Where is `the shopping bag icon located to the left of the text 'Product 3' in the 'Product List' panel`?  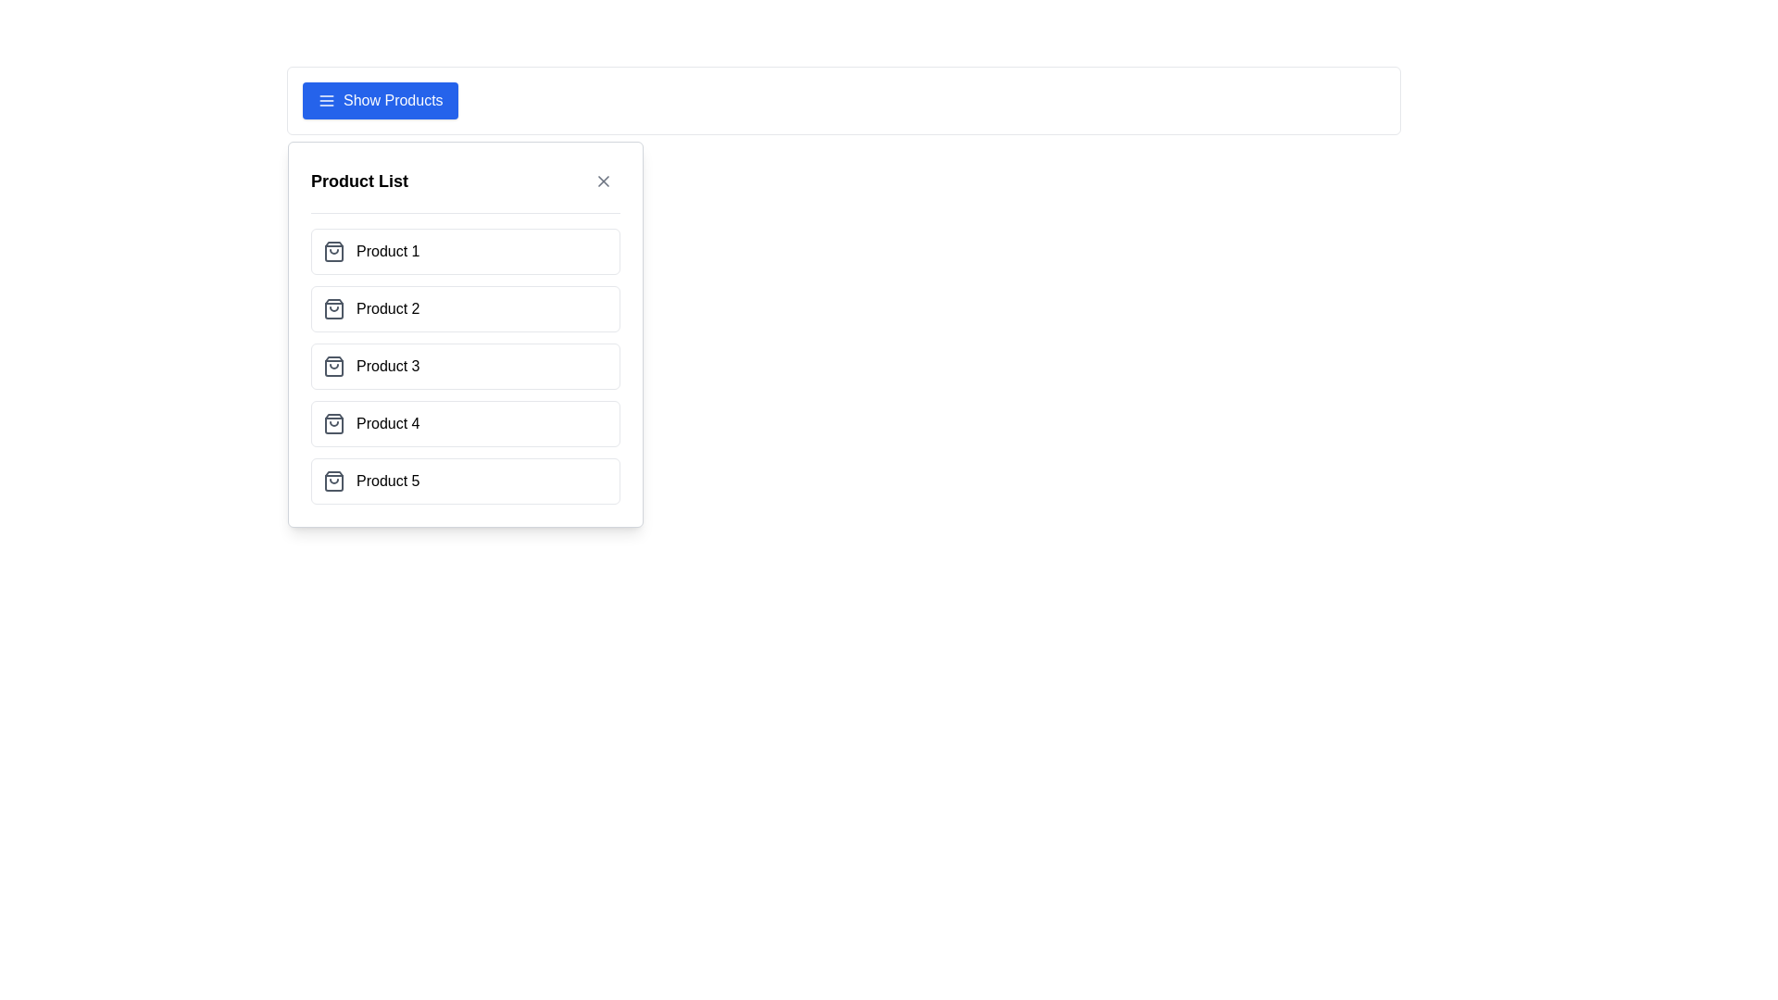 the shopping bag icon located to the left of the text 'Product 3' in the 'Product List' panel is located at coordinates (333, 367).